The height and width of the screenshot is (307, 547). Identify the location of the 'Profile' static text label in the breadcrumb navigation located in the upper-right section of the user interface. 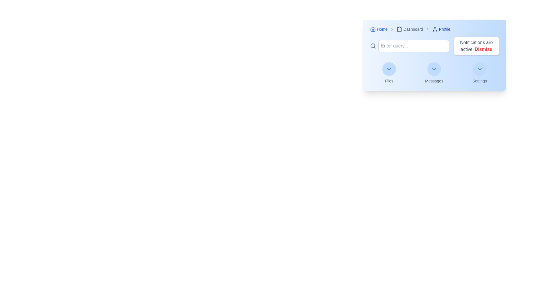
(441, 29).